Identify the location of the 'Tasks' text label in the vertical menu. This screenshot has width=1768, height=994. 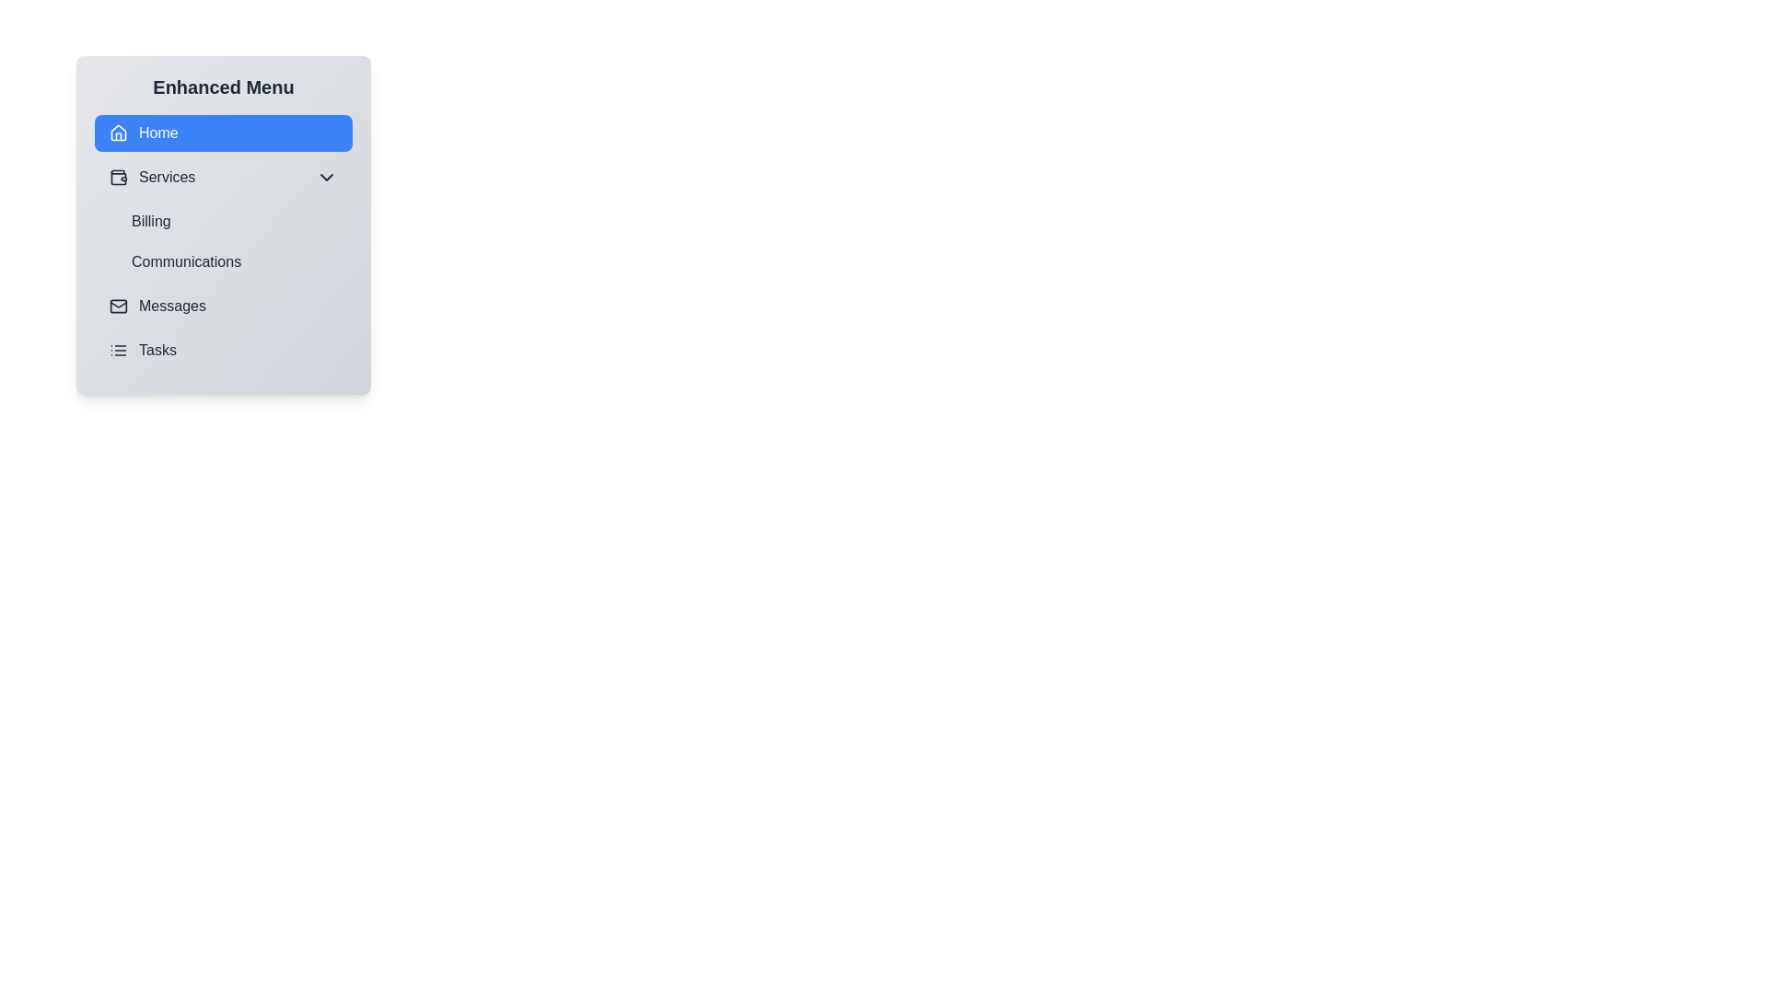
(157, 351).